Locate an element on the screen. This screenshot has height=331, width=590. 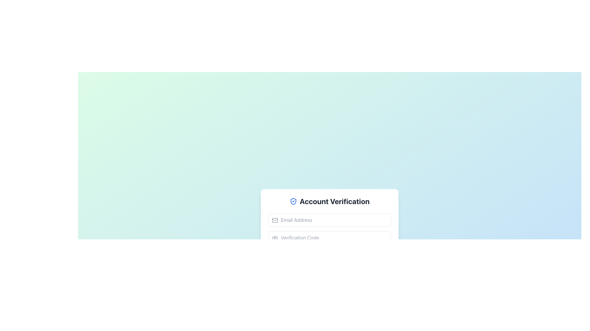
the email input field icon located at the top-left corner inside the 'Email Address' input field, which visually indicates that users should enter their email address is located at coordinates (274, 220).